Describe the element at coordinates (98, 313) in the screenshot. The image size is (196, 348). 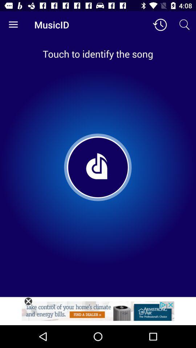
I see `see the advertisement` at that location.